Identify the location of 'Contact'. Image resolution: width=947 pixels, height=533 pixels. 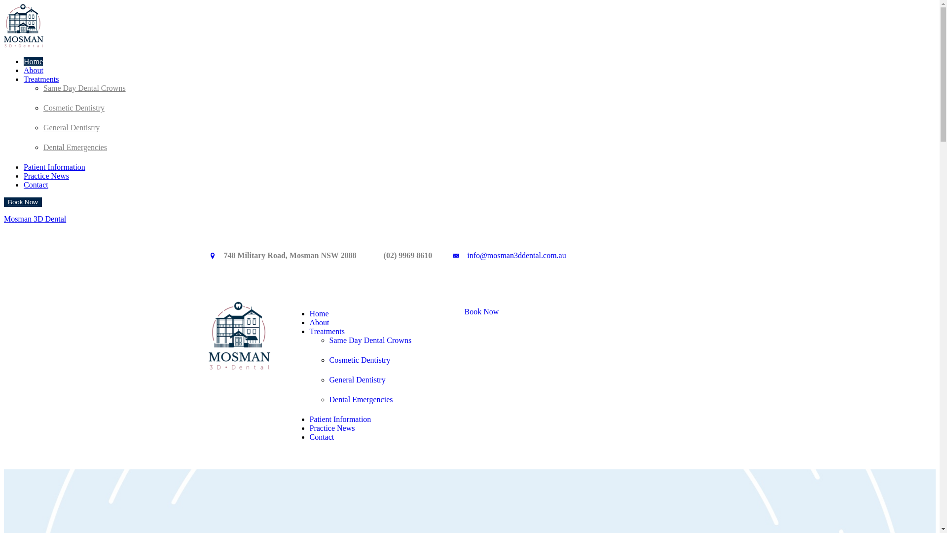
(36, 185).